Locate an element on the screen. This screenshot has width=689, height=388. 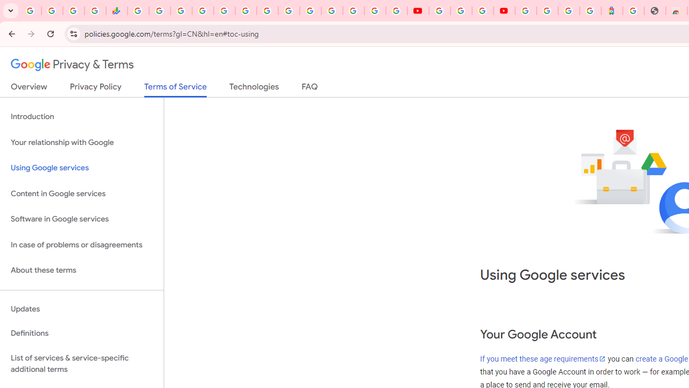
'Sign in - Google Accounts' is located at coordinates (526, 11).